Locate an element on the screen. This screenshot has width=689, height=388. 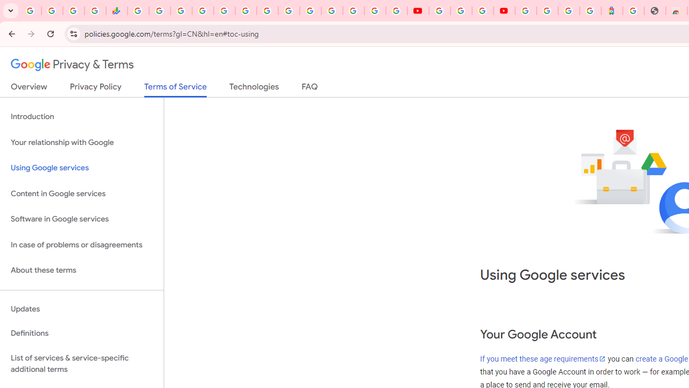
'Sign in - Google Accounts' is located at coordinates (526, 11).